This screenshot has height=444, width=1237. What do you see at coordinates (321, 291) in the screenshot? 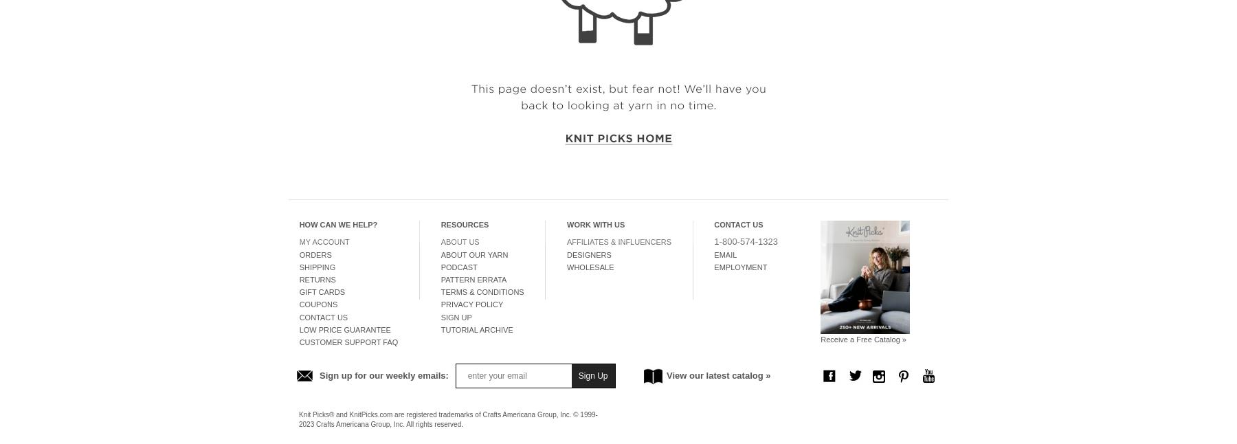
I see `'Gift Cards'` at bounding box center [321, 291].